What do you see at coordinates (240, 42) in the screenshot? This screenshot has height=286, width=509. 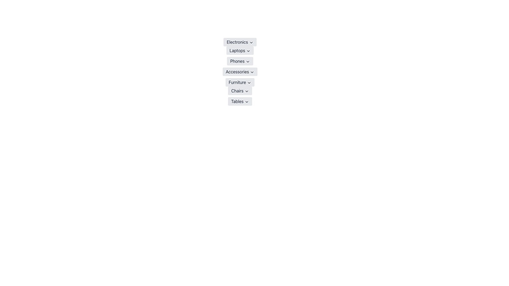 I see `the 'Electronics' dropdown button, which has a light gray background and a dark gray font` at bounding box center [240, 42].